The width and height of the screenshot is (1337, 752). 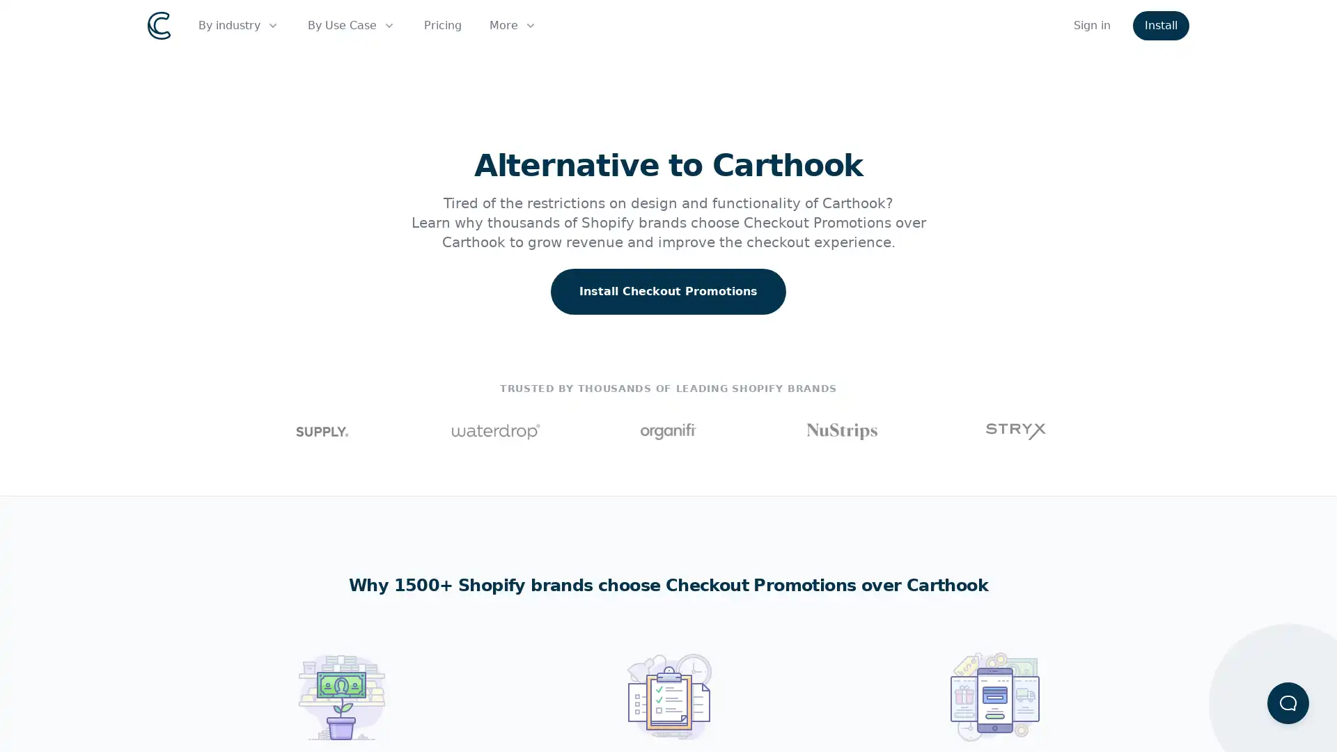 What do you see at coordinates (513, 26) in the screenshot?
I see `More` at bounding box center [513, 26].